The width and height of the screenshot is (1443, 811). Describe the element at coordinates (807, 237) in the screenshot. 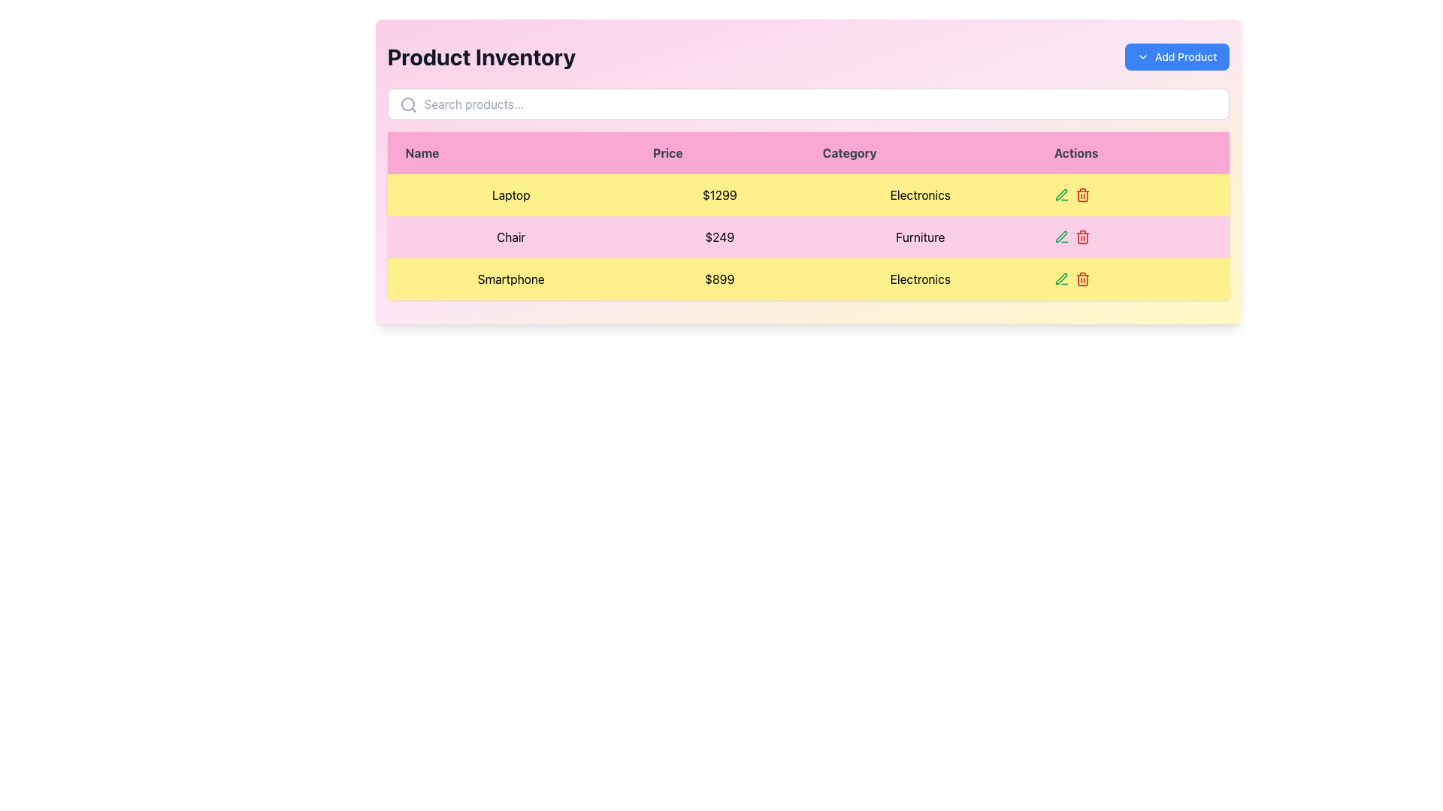

I see `to select the second row in the 'Product Inventory' table that contains the product information for 'Chair', priced at '$249' in the 'Furniture' category` at that location.